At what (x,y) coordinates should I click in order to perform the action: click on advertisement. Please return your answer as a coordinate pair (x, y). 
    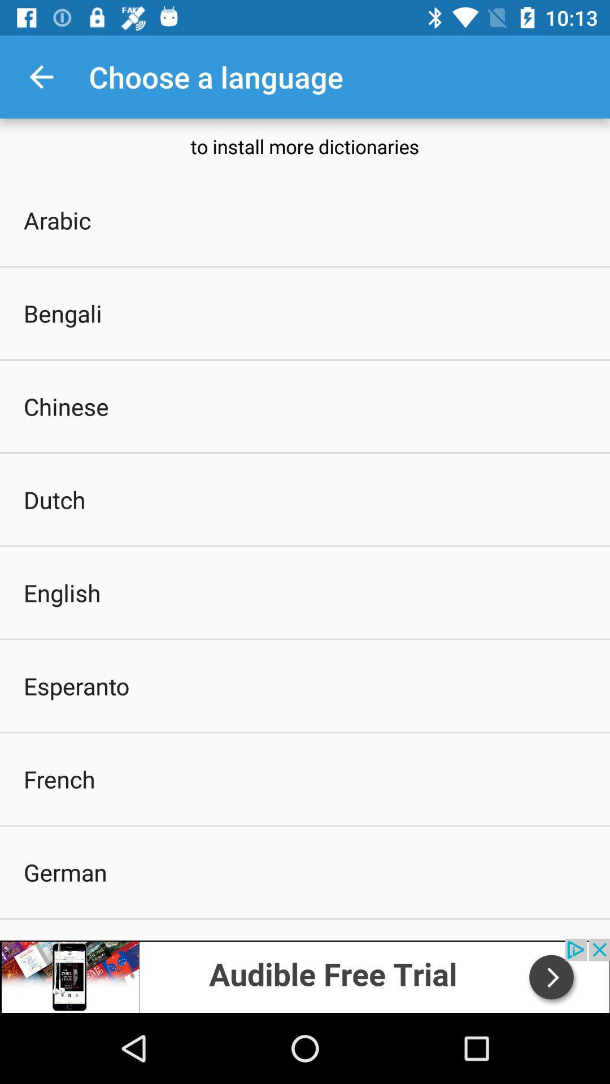
    Looking at the image, I should click on (305, 975).